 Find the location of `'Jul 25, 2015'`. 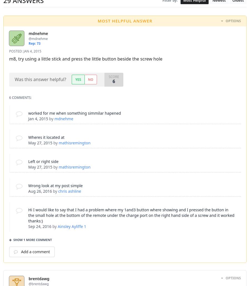

'Jul 25, 2015' is located at coordinates (37, 104).